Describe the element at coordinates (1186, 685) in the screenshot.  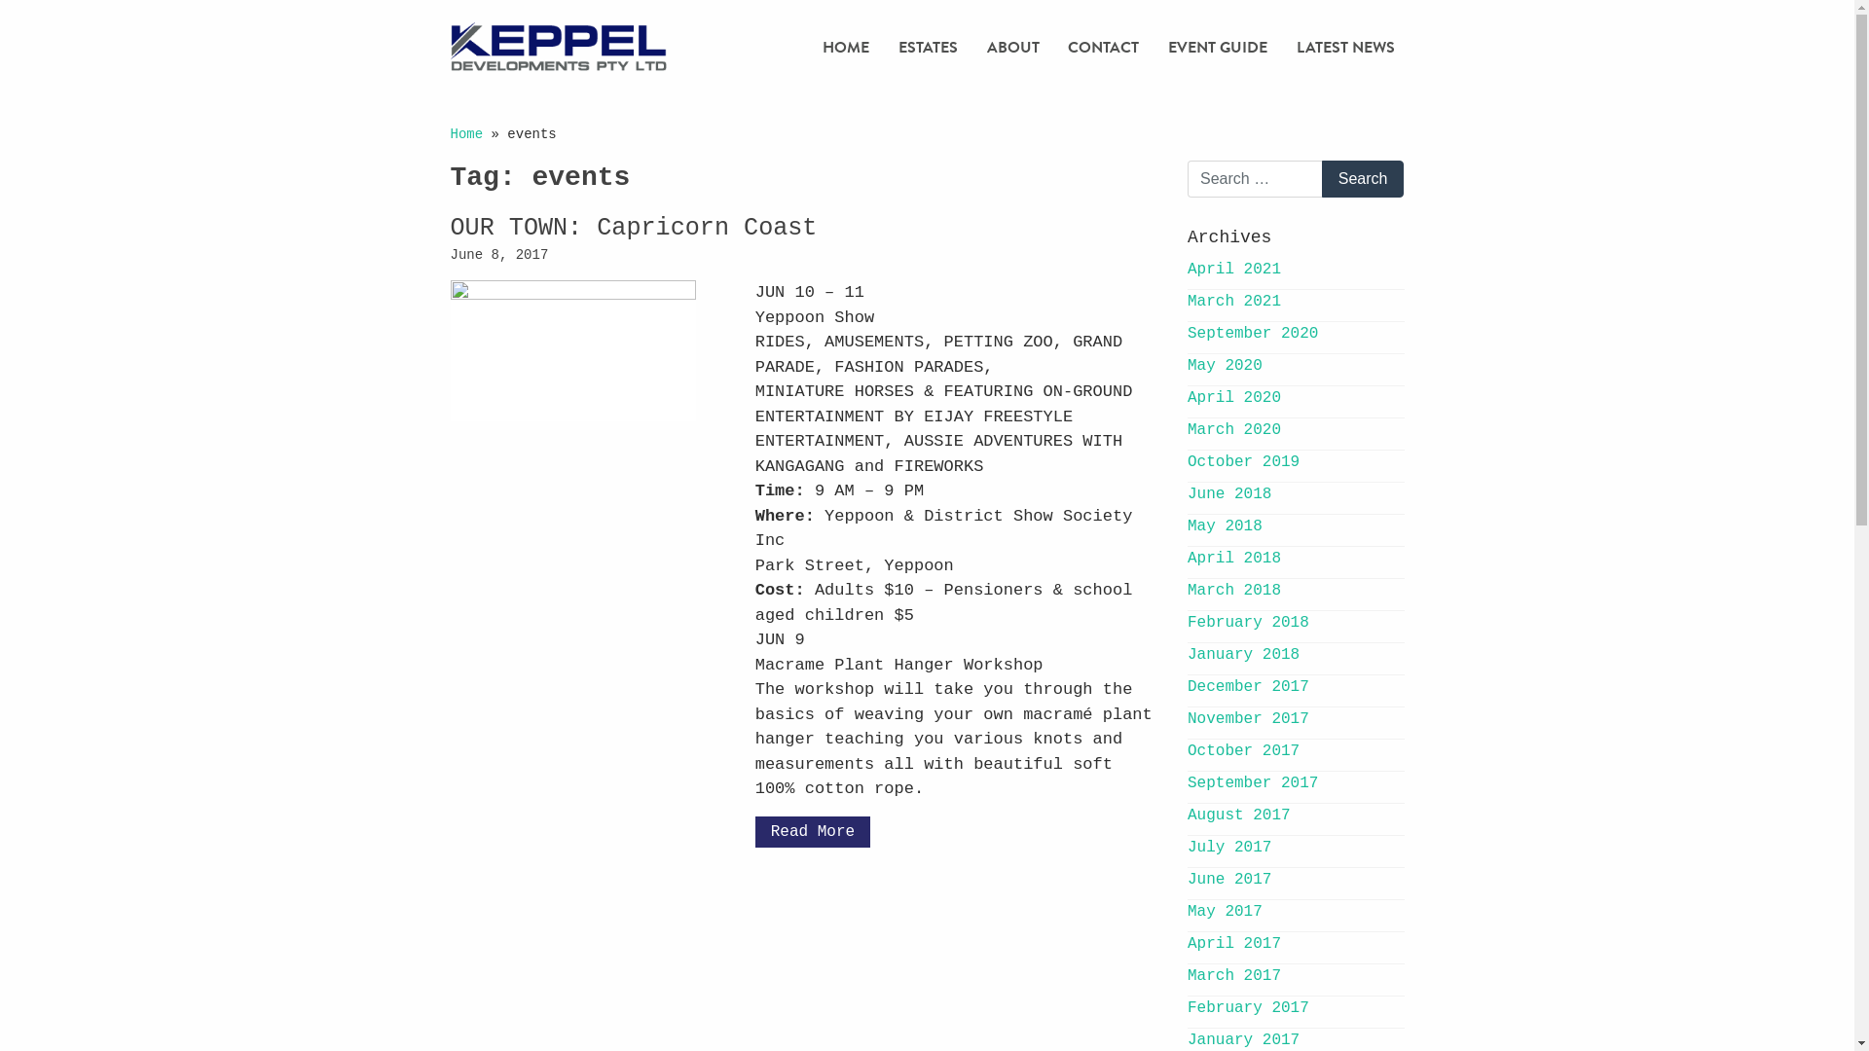
I see `'December 2017'` at that location.